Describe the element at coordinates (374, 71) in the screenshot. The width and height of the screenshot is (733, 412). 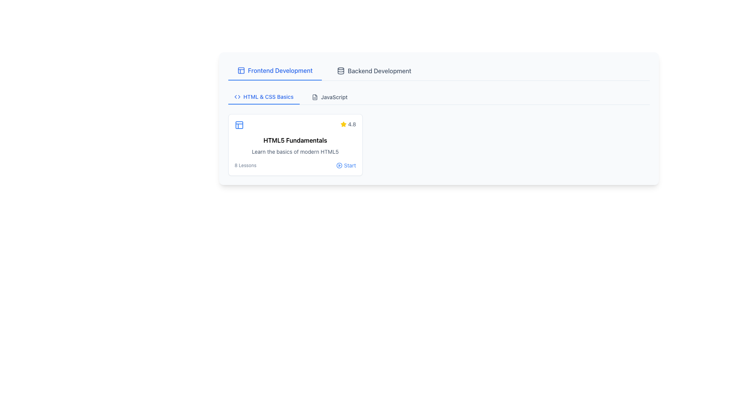
I see `the second clickable menu item in the horizontal menu layout` at that location.